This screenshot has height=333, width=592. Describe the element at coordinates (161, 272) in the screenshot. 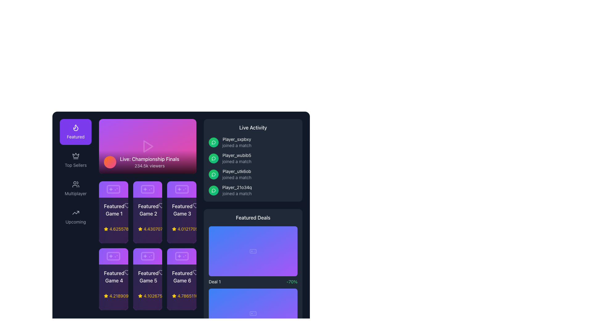

I see `the heart icon button located in the top-right corner of the 'Featured Game 5' card` at that location.